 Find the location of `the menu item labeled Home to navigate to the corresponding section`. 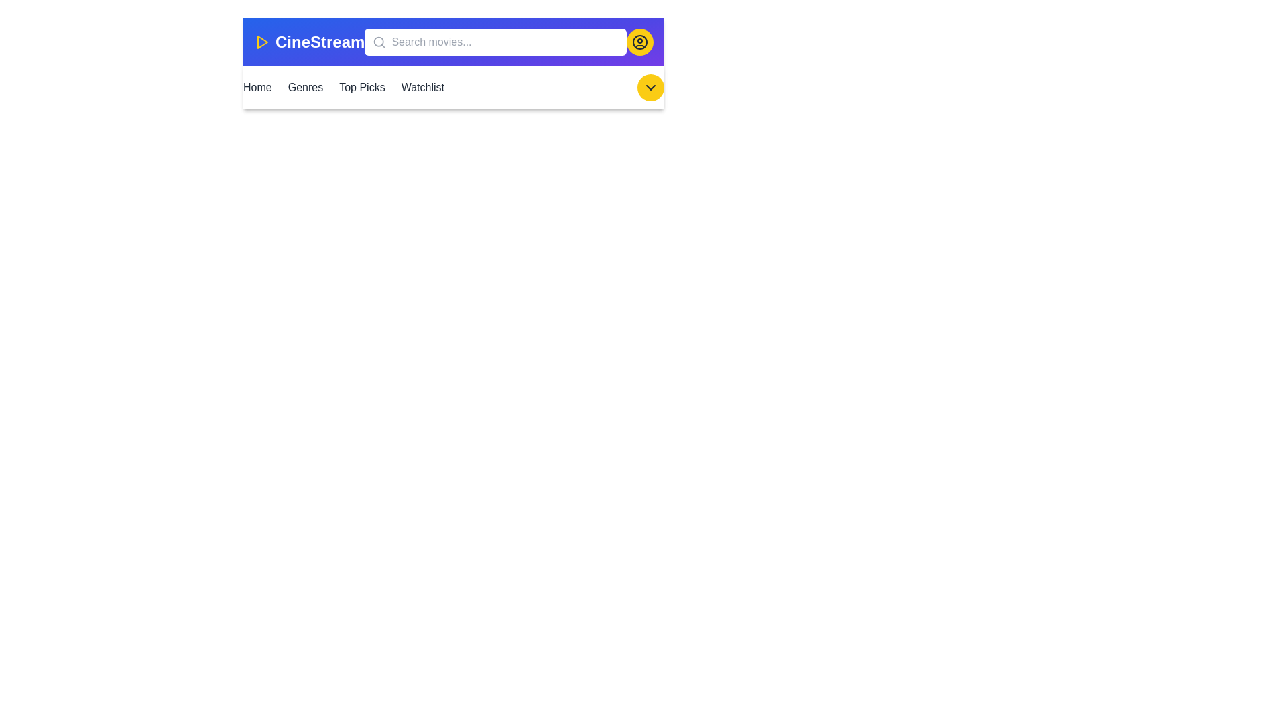

the menu item labeled Home to navigate to the corresponding section is located at coordinates (257, 88).